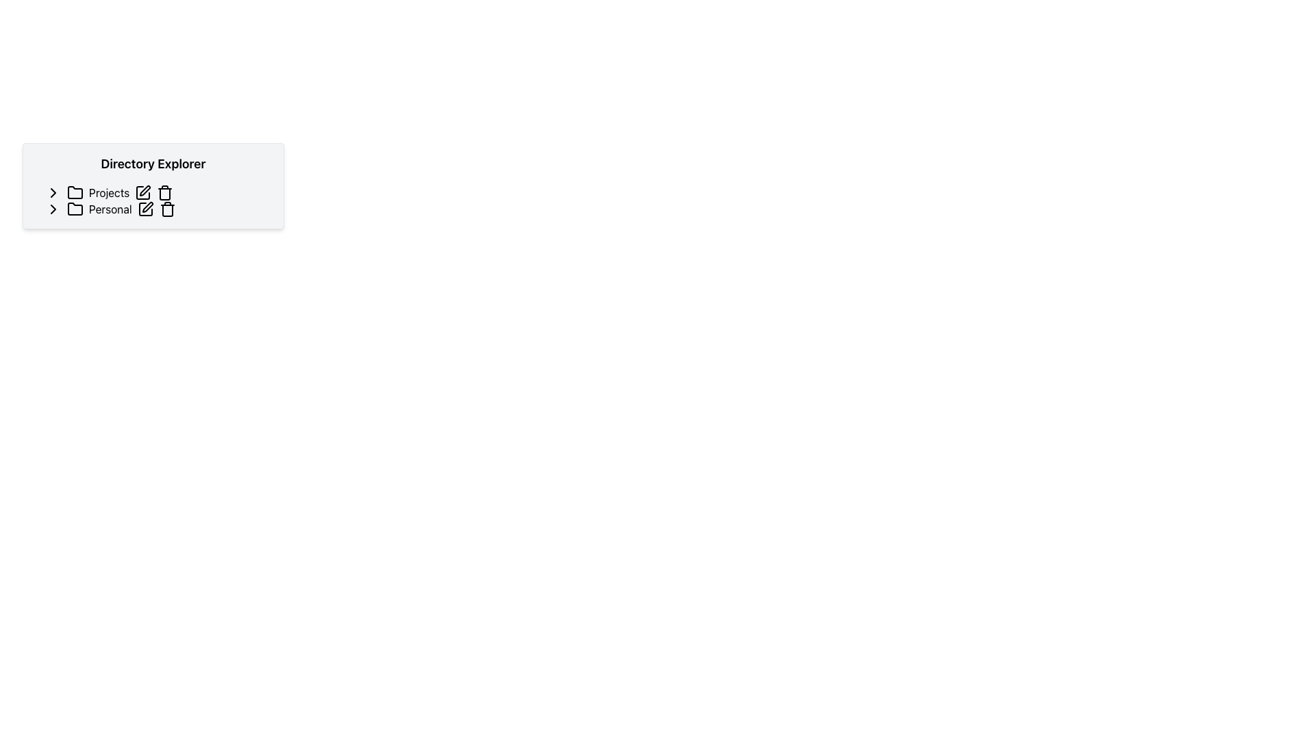  Describe the element at coordinates (53, 192) in the screenshot. I see `the toggle button-like interactive icon` at that location.